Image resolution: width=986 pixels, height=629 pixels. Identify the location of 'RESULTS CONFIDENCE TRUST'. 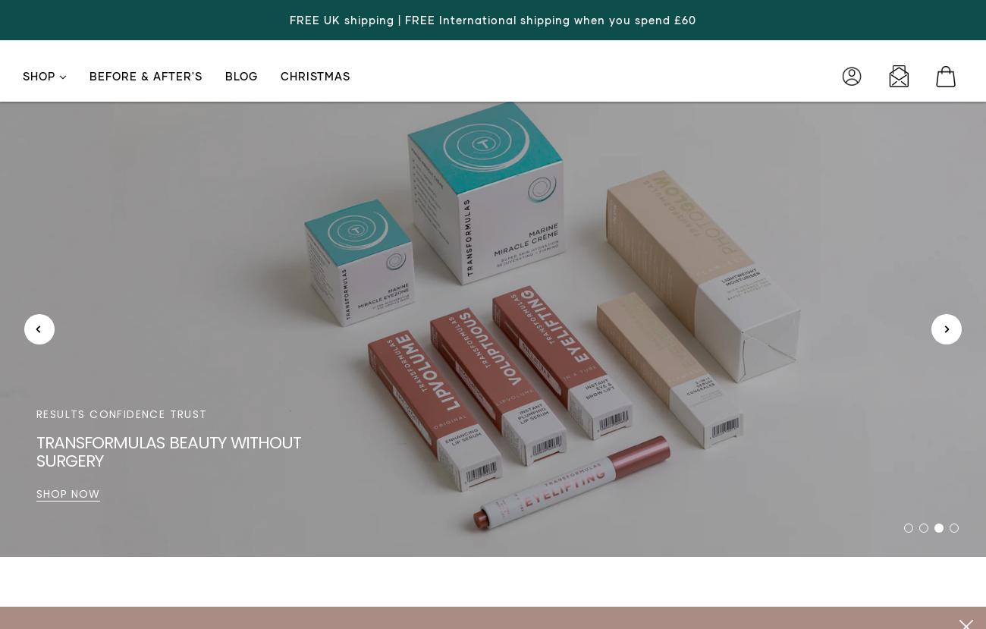
(121, 413).